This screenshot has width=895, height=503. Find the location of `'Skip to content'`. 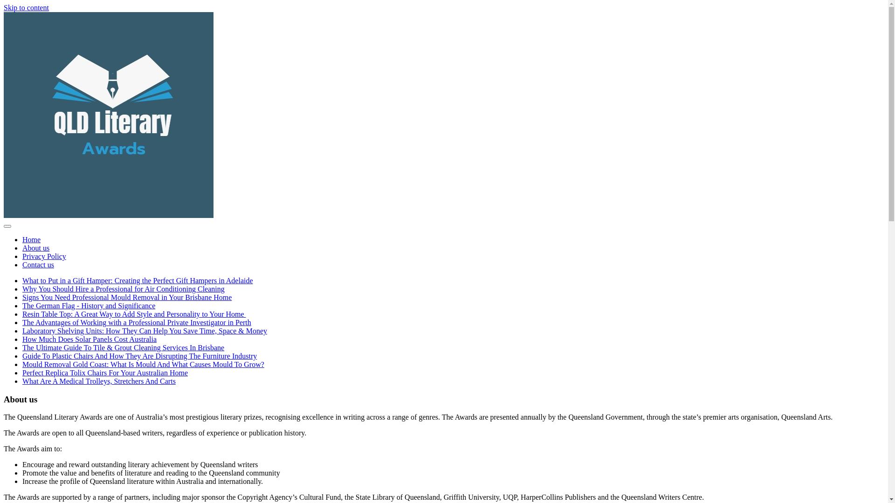

'Skip to content' is located at coordinates (26, 7).